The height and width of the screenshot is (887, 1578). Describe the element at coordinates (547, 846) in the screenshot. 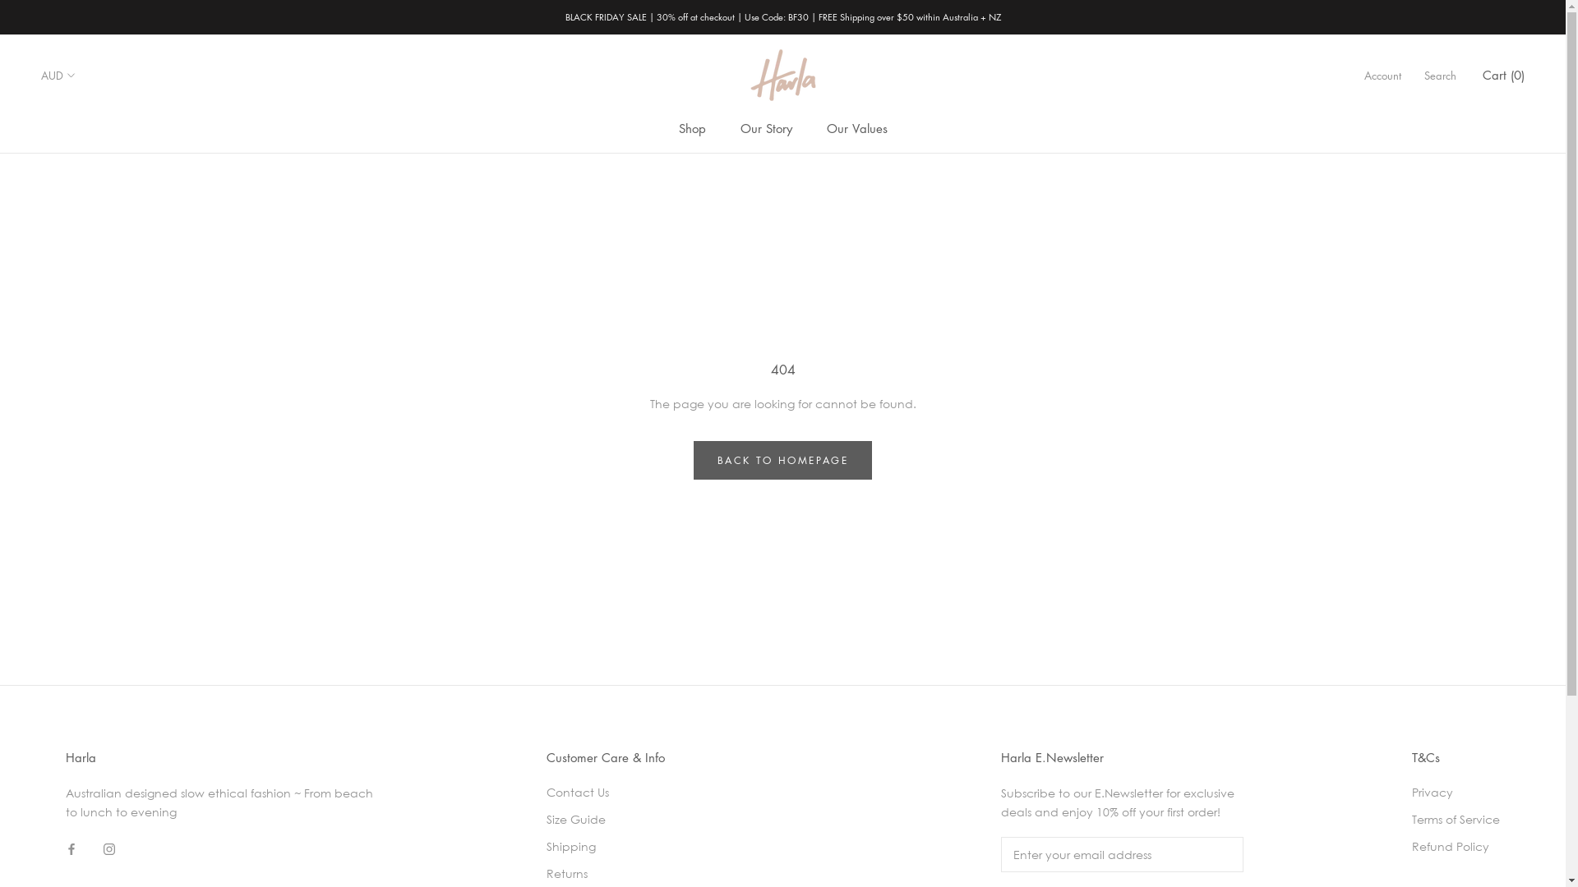

I see `'Shipping'` at that location.